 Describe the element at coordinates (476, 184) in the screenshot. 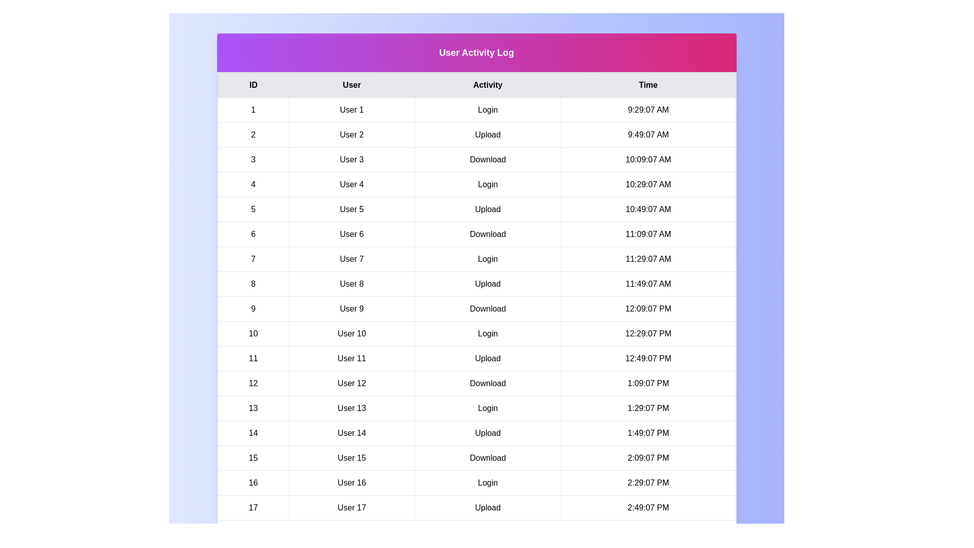

I see `the row corresponding to 4` at that location.